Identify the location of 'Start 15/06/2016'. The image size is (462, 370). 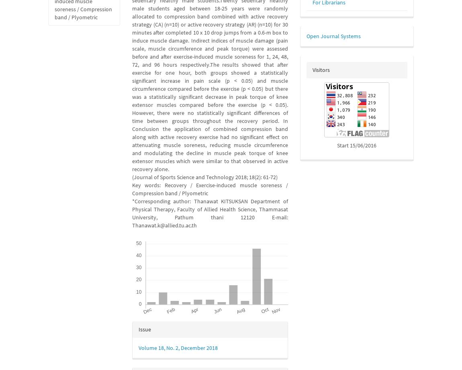
(357, 145).